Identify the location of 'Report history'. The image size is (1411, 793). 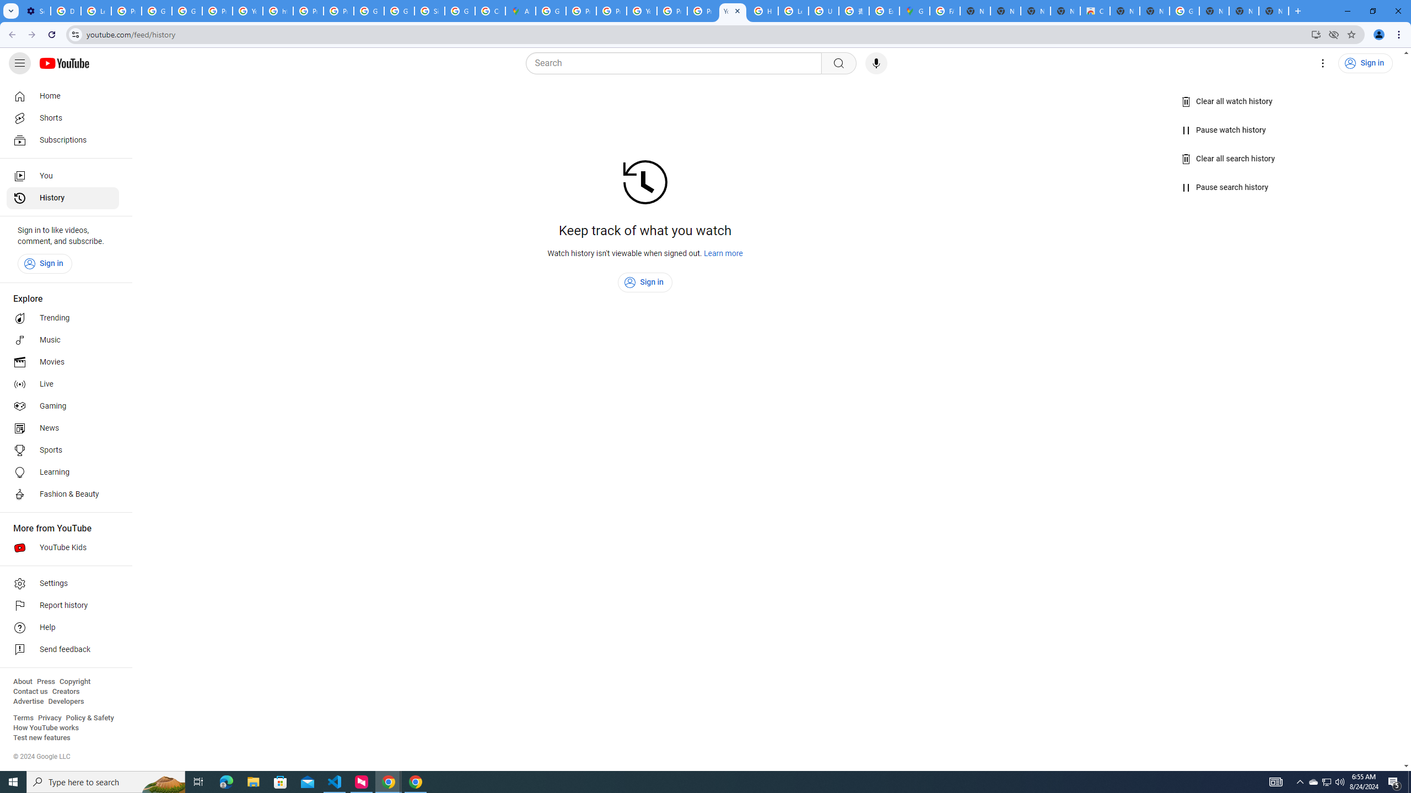
(62, 605).